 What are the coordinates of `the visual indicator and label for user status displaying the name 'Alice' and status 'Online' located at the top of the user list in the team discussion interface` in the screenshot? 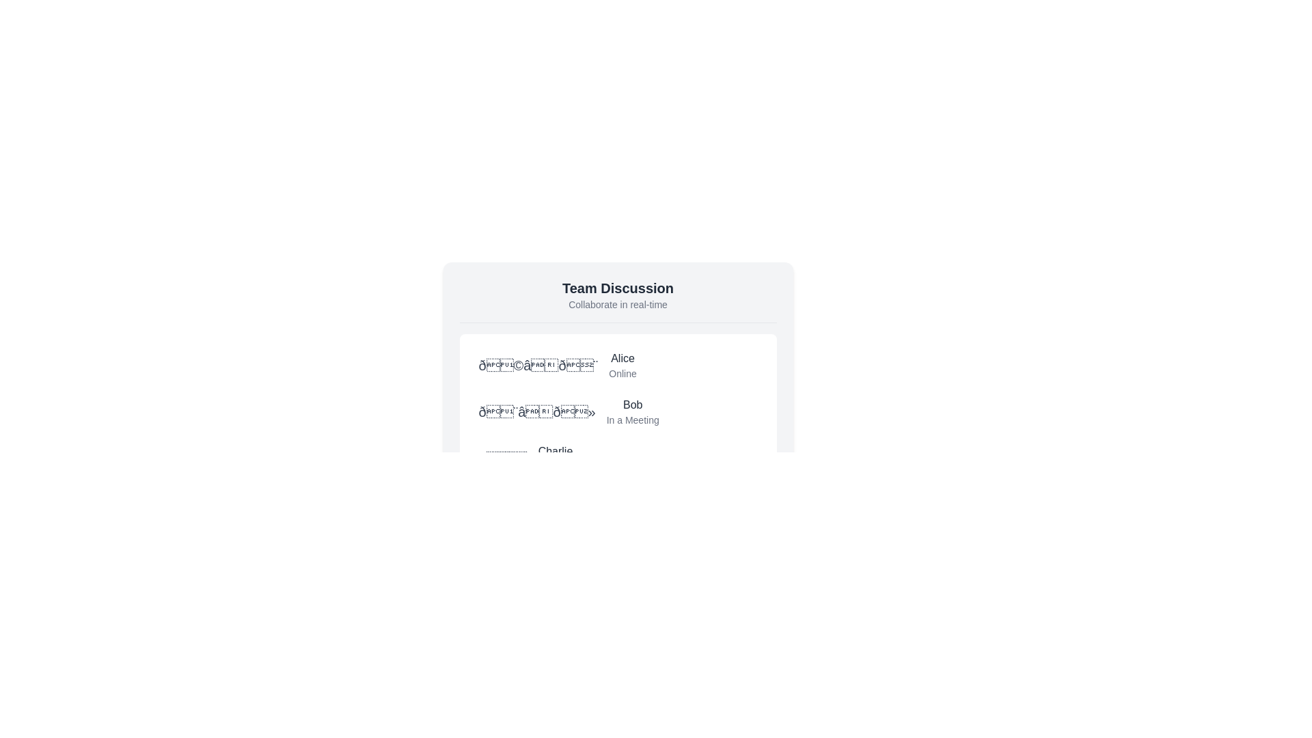 It's located at (617, 365).